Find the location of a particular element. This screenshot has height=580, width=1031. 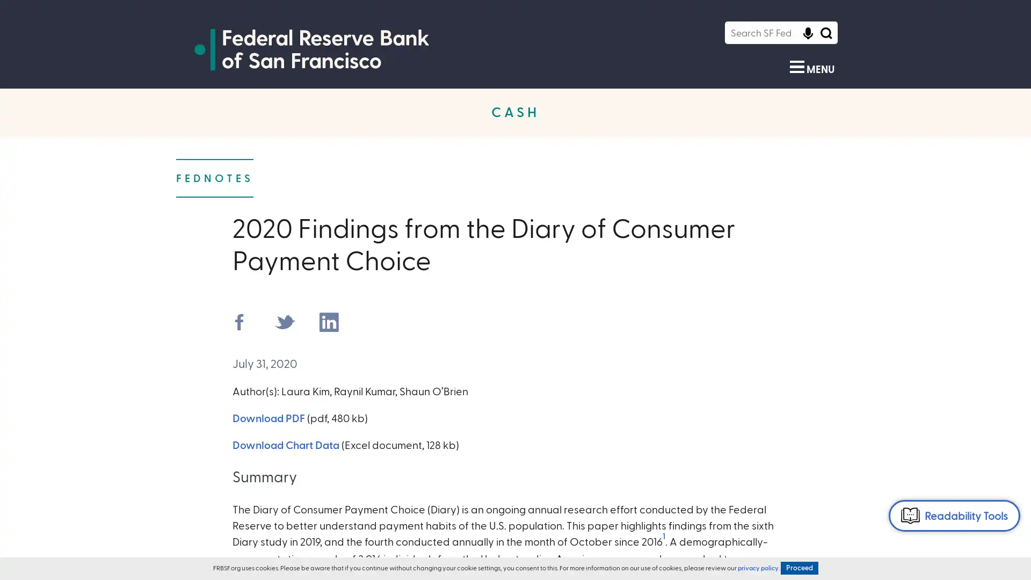

Search Icon Submit Search is located at coordinates (826, 32).